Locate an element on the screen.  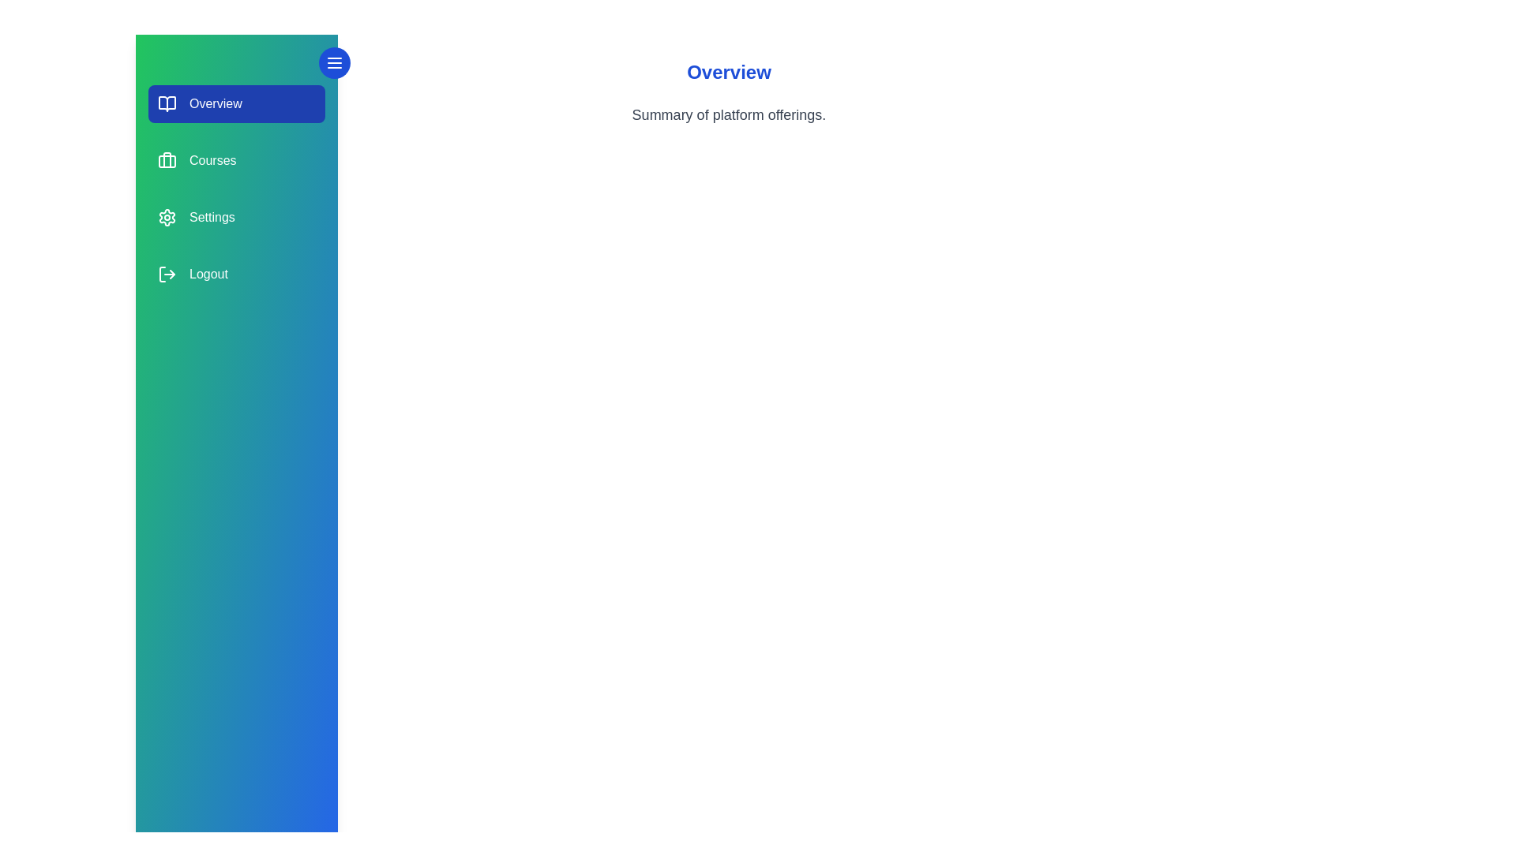
the section labeled Courses to view its hover effect is located at coordinates (235, 161).